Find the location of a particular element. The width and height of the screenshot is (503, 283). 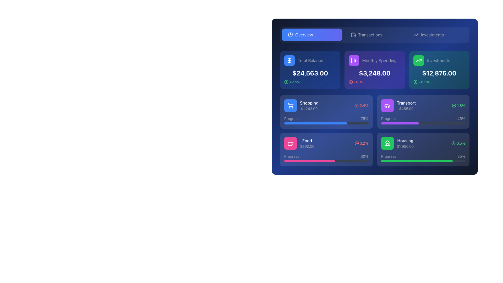

the small green upward-pointing arrow icon located next to the text '0.5%' in the Housing section is located at coordinates (453, 143).